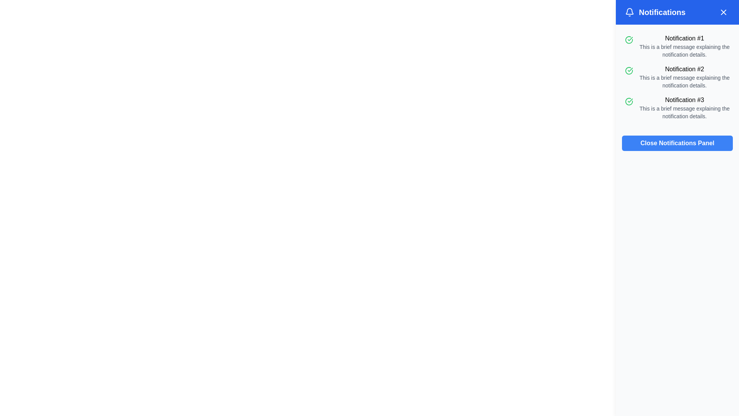  Describe the element at coordinates (662, 12) in the screenshot. I see `the 'Notifications' text element in the top-right corner of the notification panel, which is in bold, extra-large font style and visually separated from other contents` at that location.